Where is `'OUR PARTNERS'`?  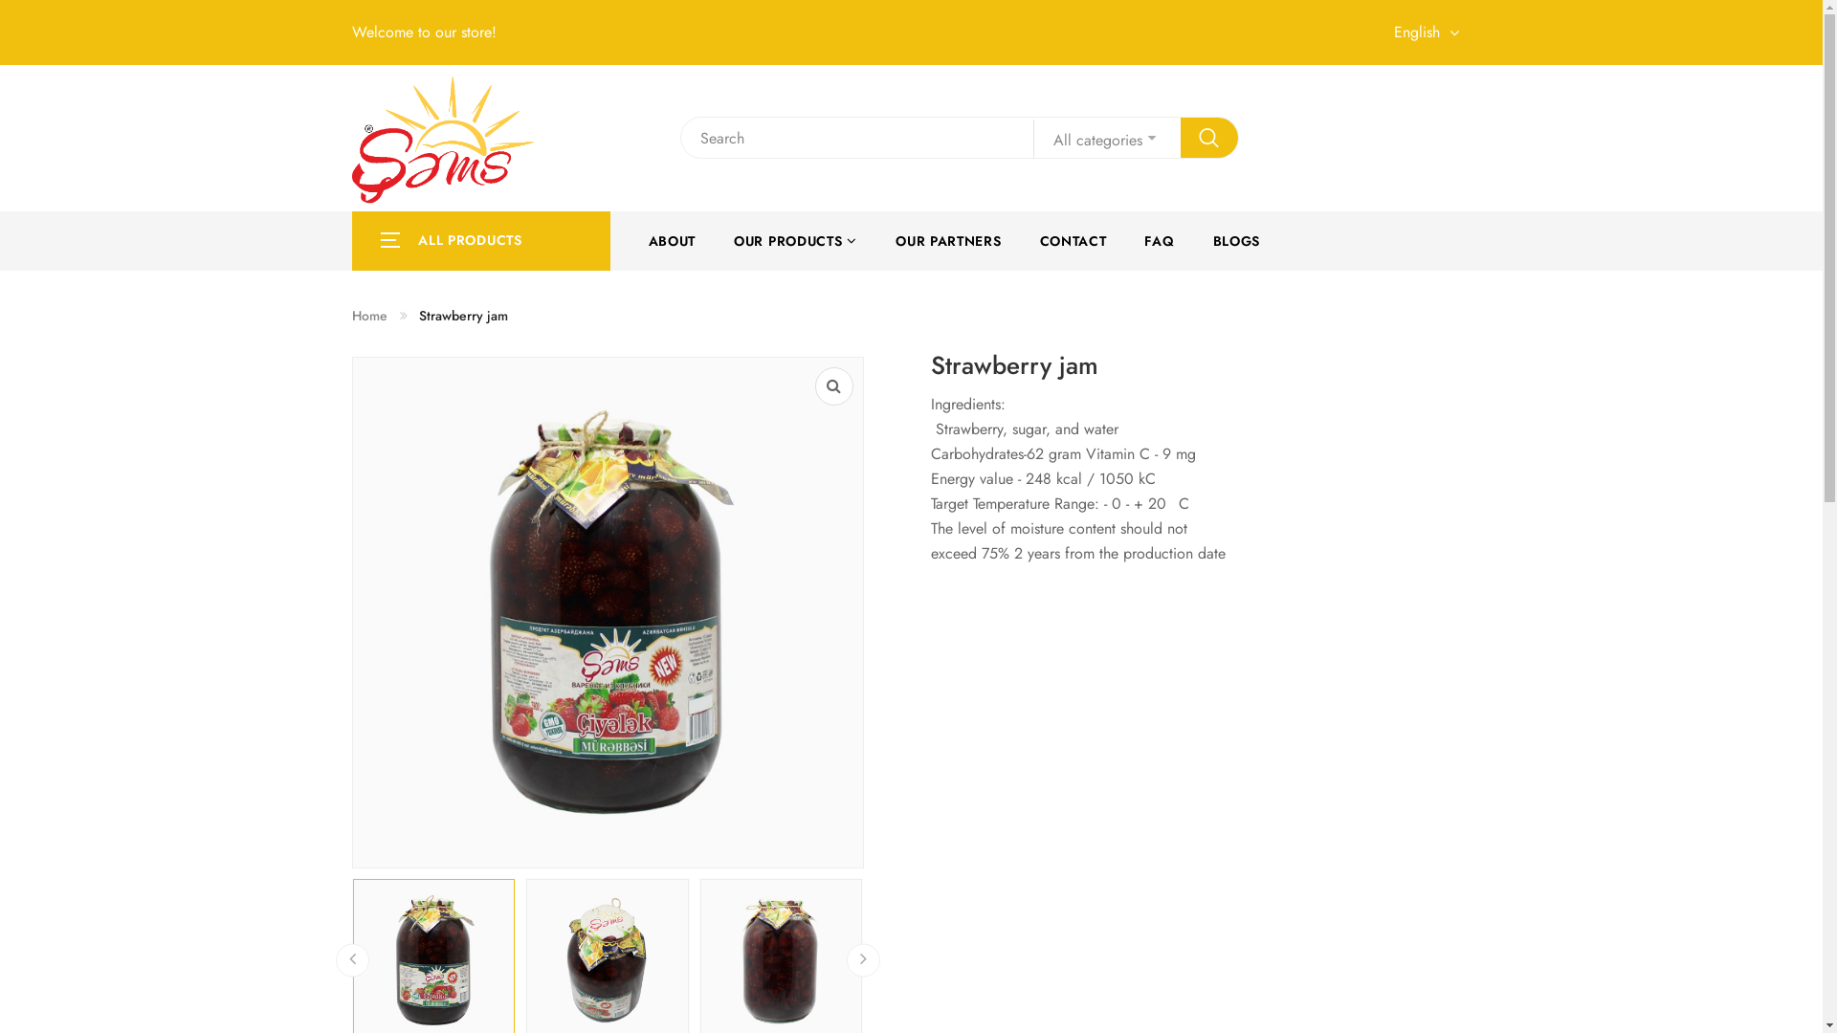
'OUR PARTNERS' is located at coordinates (947, 239).